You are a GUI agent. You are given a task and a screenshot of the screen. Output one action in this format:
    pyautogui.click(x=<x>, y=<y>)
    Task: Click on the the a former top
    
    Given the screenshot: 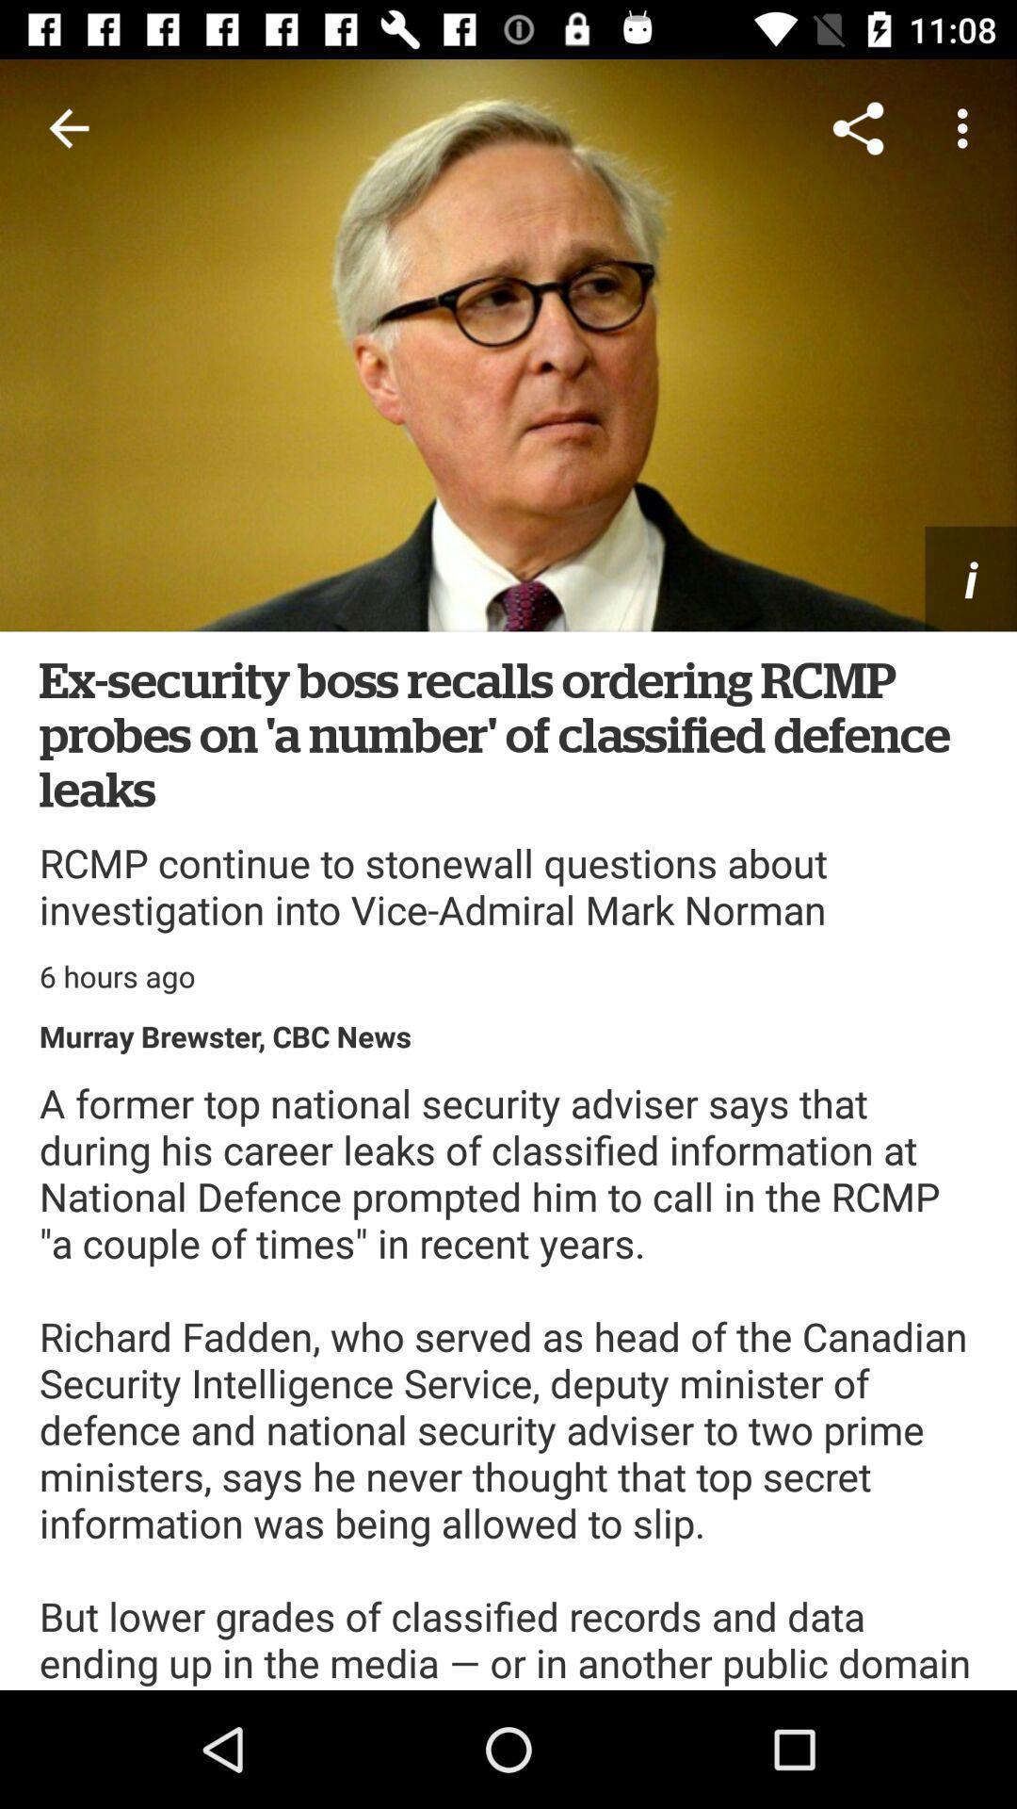 What is the action you would take?
    pyautogui.click(x=508, y=1383)
    